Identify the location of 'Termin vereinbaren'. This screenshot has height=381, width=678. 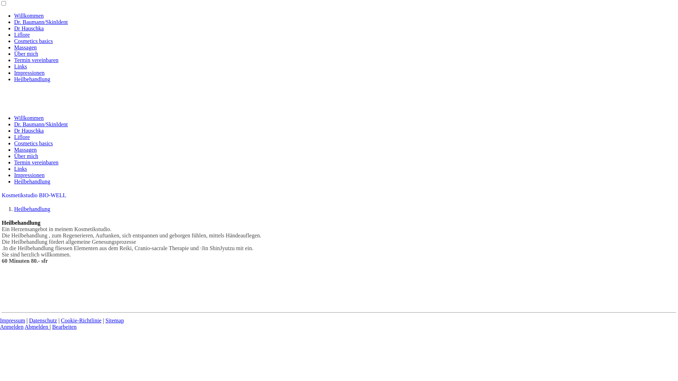
(36, 162).